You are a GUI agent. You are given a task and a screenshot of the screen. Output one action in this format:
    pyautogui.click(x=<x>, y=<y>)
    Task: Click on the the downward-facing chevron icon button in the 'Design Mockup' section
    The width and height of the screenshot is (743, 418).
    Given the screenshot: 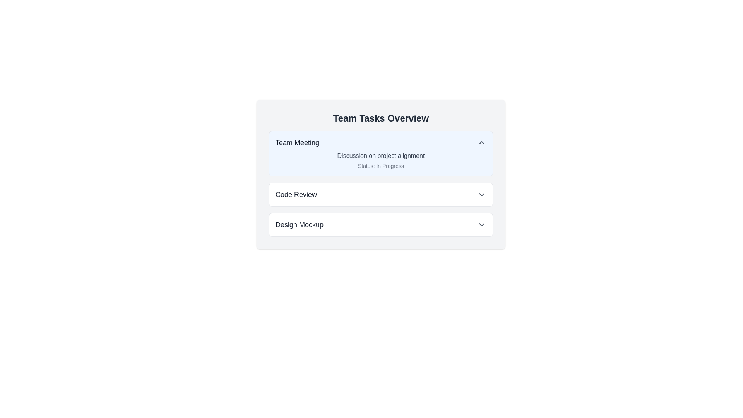 What is the action you would take?
    pyautogui.click(x=481, y=225)
    